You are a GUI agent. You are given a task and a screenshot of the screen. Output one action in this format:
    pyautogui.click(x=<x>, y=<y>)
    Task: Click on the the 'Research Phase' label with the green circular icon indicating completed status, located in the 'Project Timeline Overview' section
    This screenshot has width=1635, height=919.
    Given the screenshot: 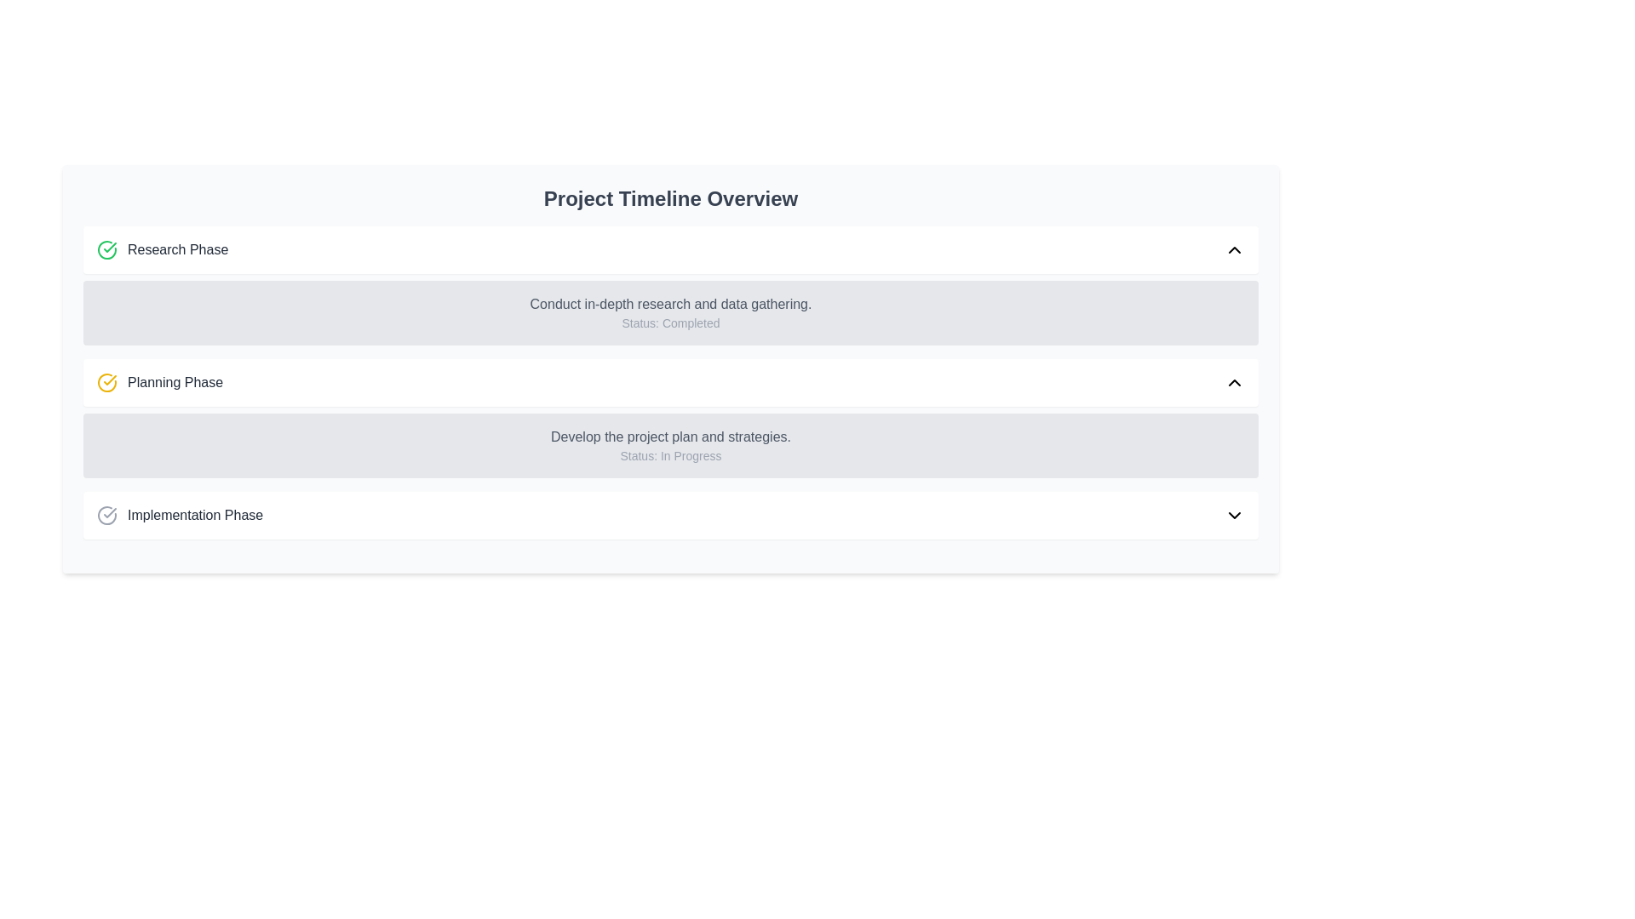 What is the action you would take?
    pyautogui.click(x=163, y=249)
    